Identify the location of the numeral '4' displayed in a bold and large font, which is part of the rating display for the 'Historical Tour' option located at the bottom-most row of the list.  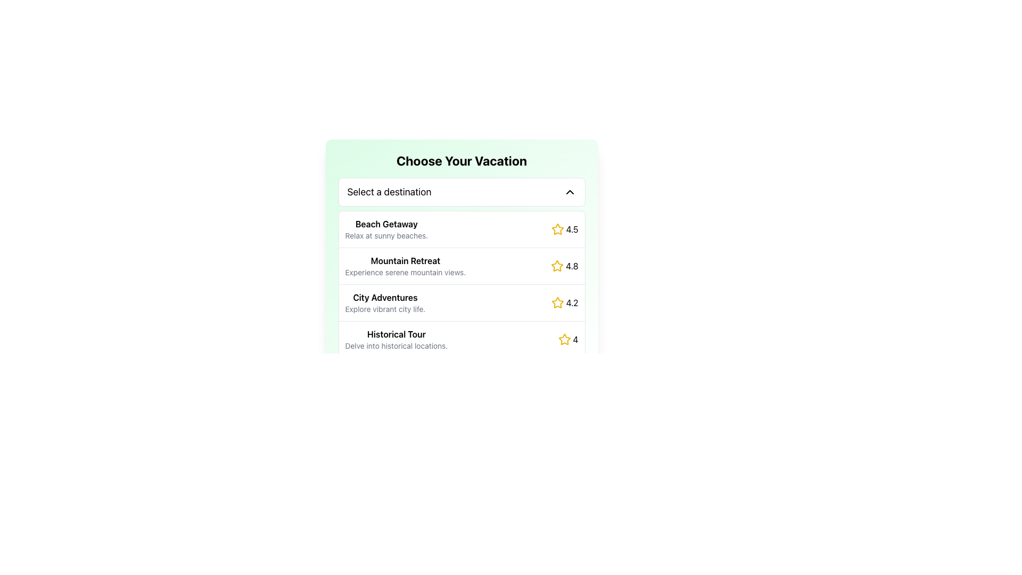
(575, 339).